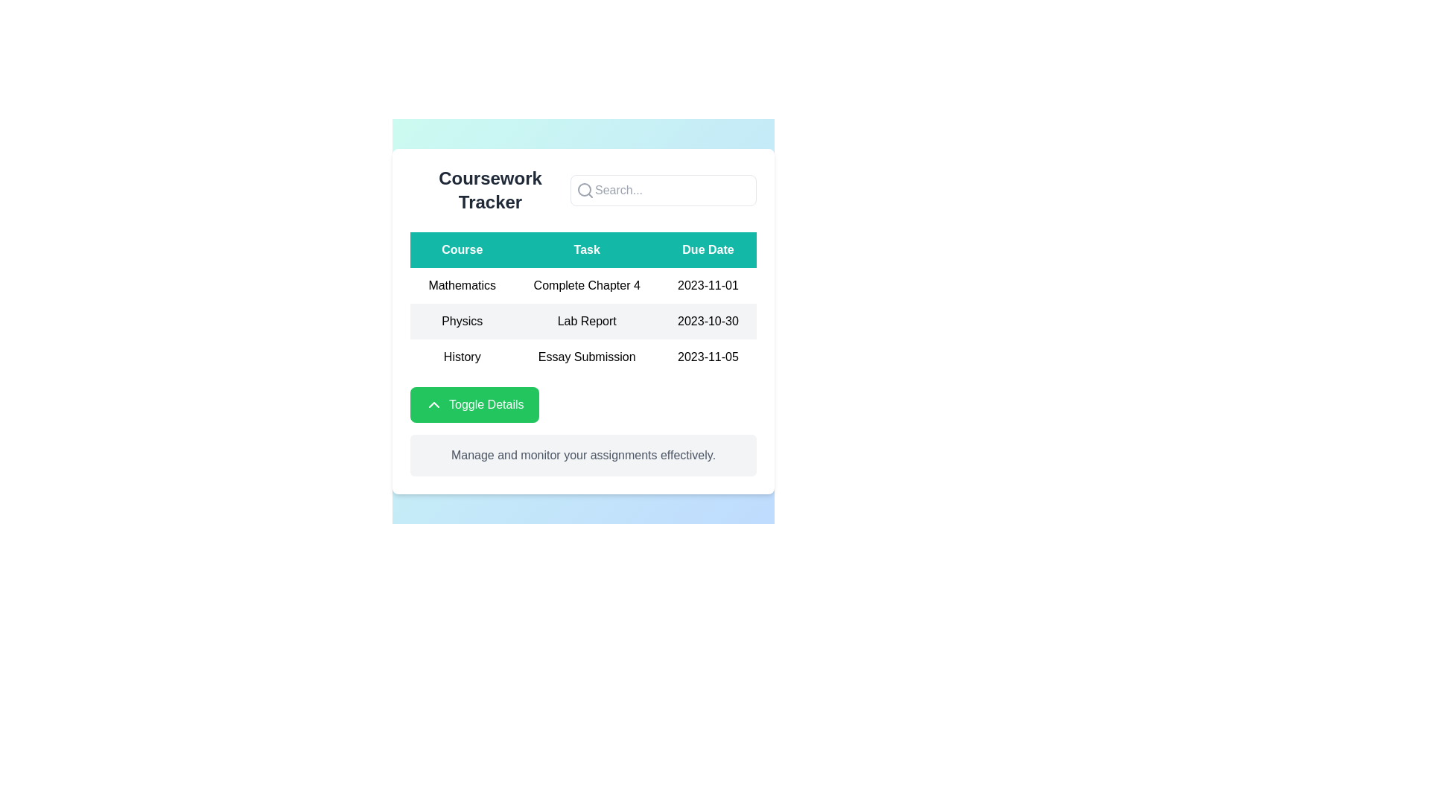  What do you see at coordinates (707, 321) in the screenshot?
I see `the static text displaying the due date for the 'Lab Report' task, located in the third column of the second row of the table layout` at bounding box center [707, 321].